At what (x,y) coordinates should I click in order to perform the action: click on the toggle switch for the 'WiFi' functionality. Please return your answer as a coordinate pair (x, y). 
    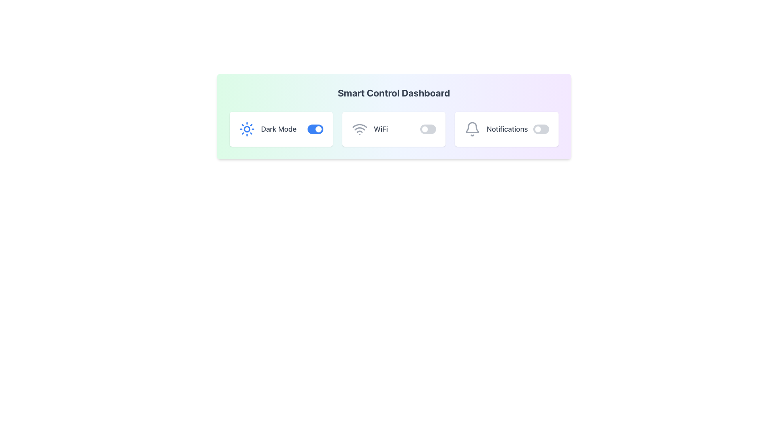
    Looking at the image, I should click on (428, 129).